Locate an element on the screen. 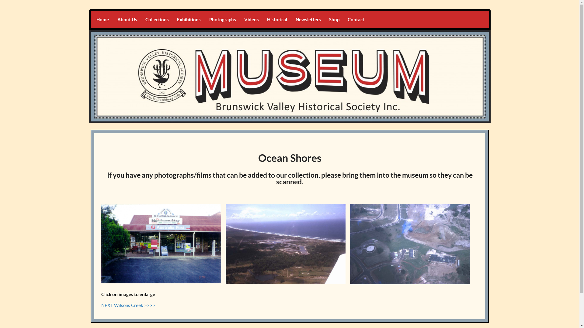 The image size is (584, 328). 'Videos' is located at coordinates (251, 19).